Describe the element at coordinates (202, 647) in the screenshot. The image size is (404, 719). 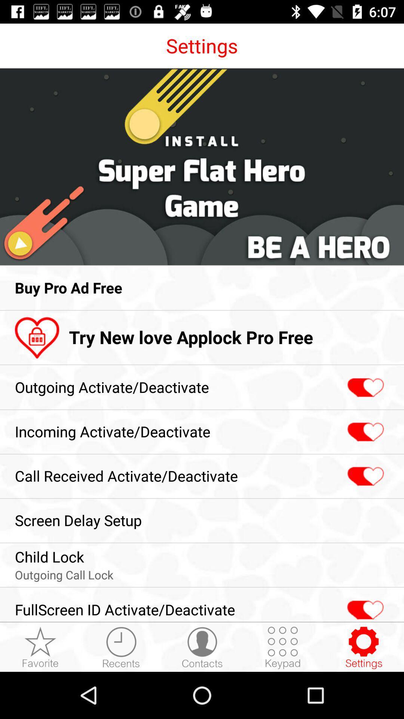
I see `contacts` at that location.